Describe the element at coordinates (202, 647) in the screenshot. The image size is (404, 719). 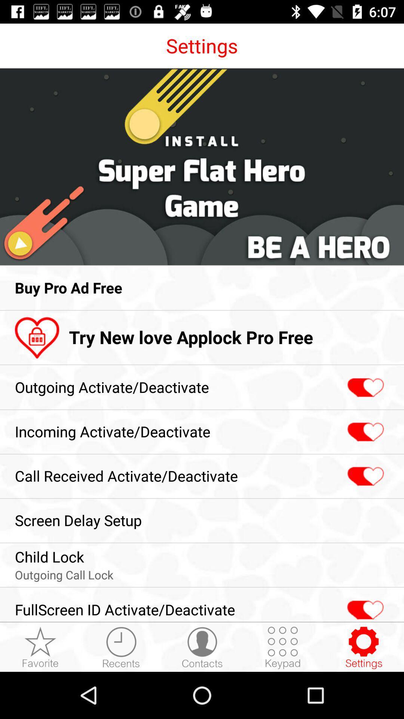
I see `contacts` at that location.